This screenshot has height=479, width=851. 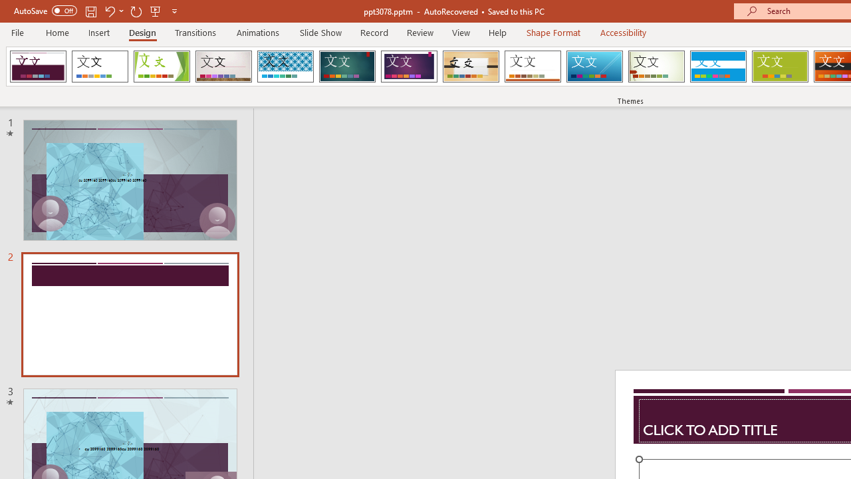 What do you see at coordinates (656, 67) in the screenshot?
I see `'Wisp'` at bounding box center [656, 67].